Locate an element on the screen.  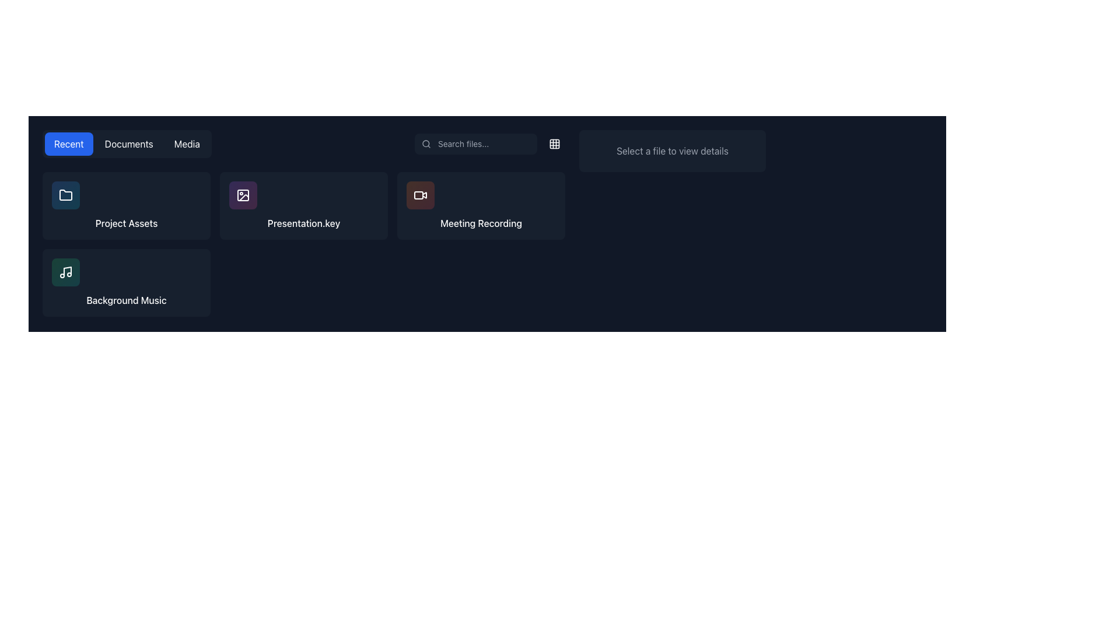
the music-related icon located in the first column and second row of the grid, directly below the 'Project Assets' icon is located at coordinates (65, 272).